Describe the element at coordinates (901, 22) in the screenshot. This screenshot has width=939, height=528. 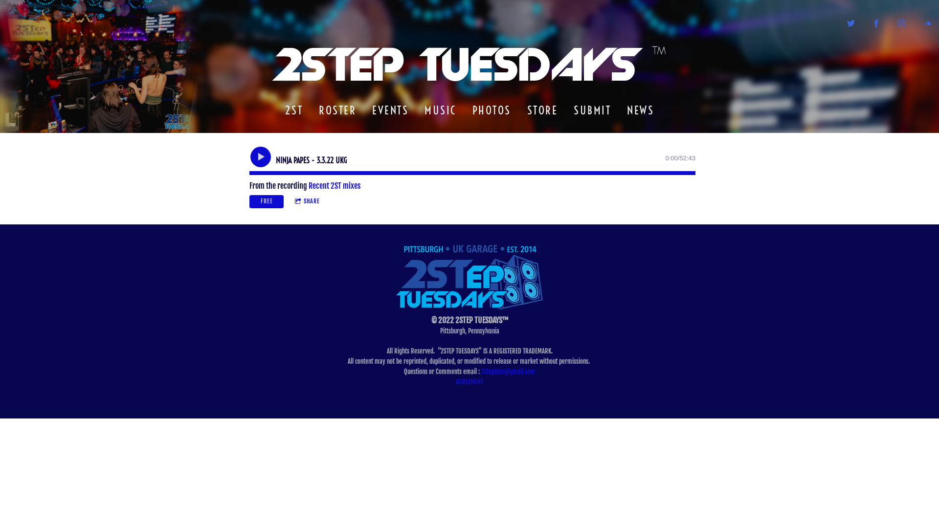
I see `'https://instagram.com/2step'` at that location.